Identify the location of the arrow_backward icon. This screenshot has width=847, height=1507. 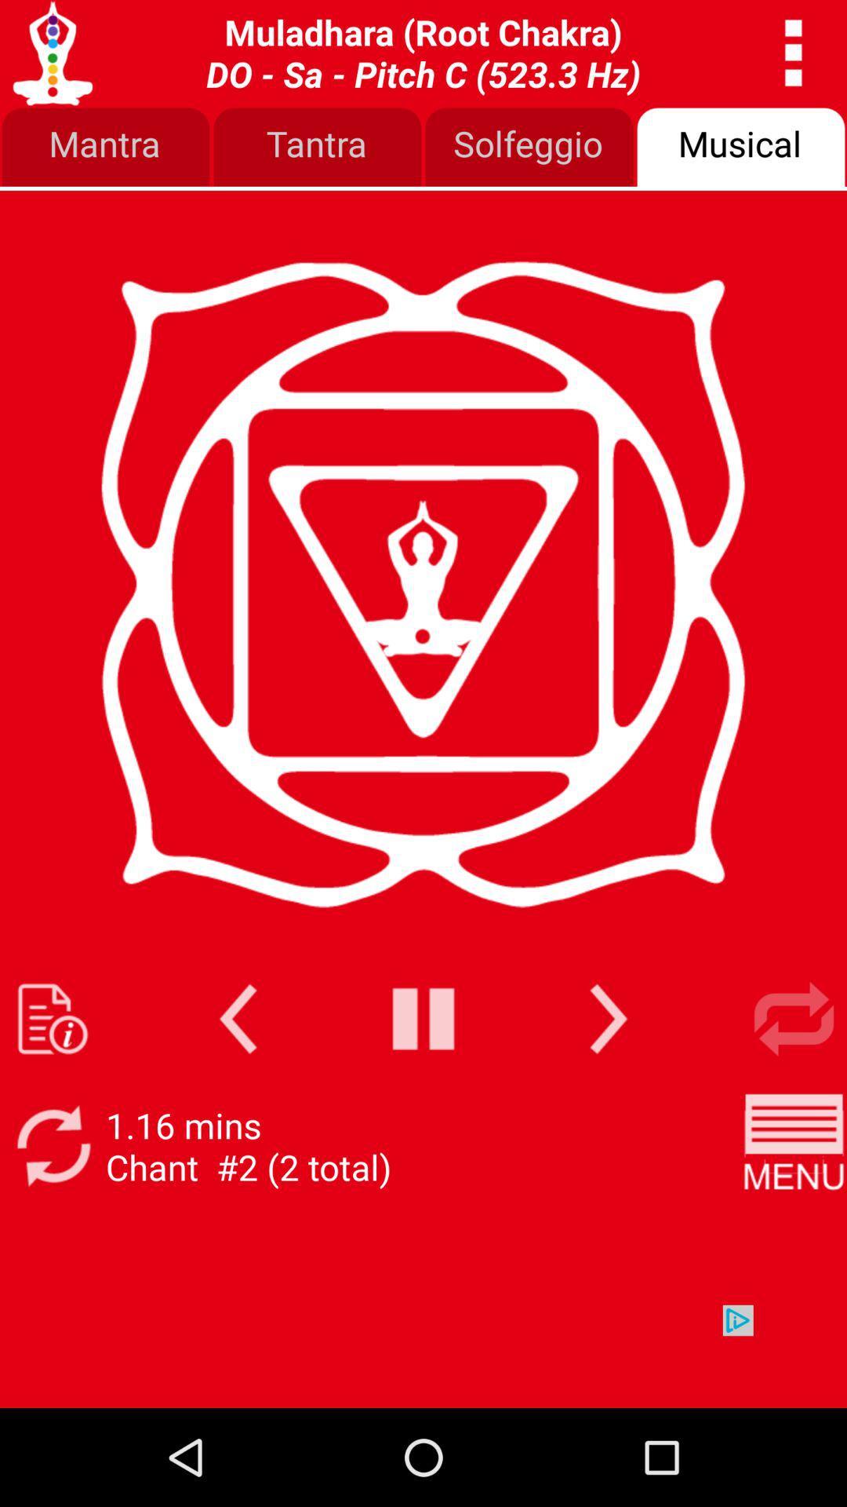
(238, 1089).